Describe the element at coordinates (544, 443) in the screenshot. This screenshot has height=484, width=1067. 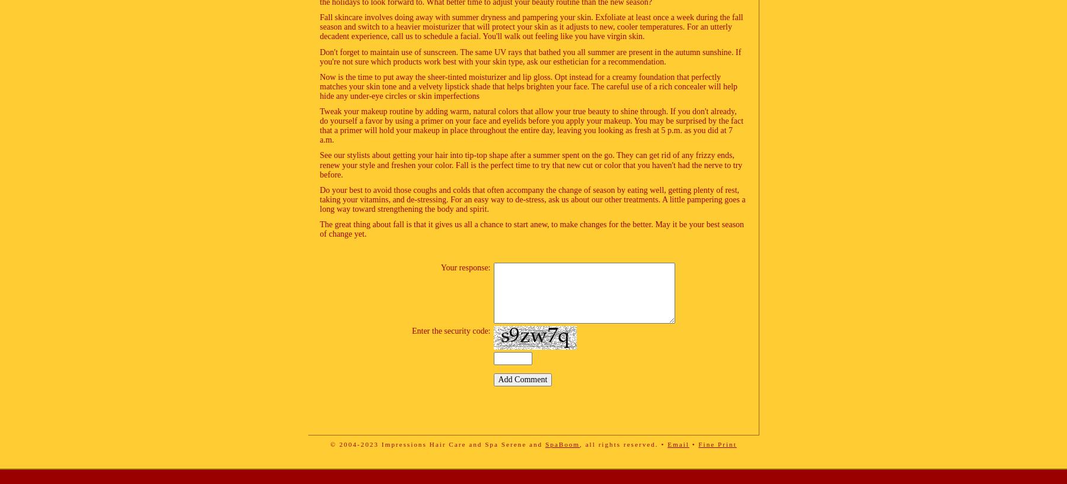
I see `'SpaBoom'` at that location.